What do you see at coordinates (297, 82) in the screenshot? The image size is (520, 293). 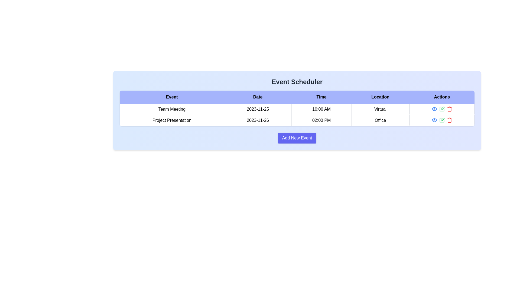 I see `the bold, centered text header that reads 'Event Scheduler' located at the top of a light blue background panel` at bounding box center [297, 82].